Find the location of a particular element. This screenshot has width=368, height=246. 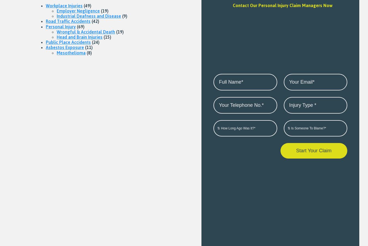

'Public Place Accidents' is located at coordinates (68, 42).